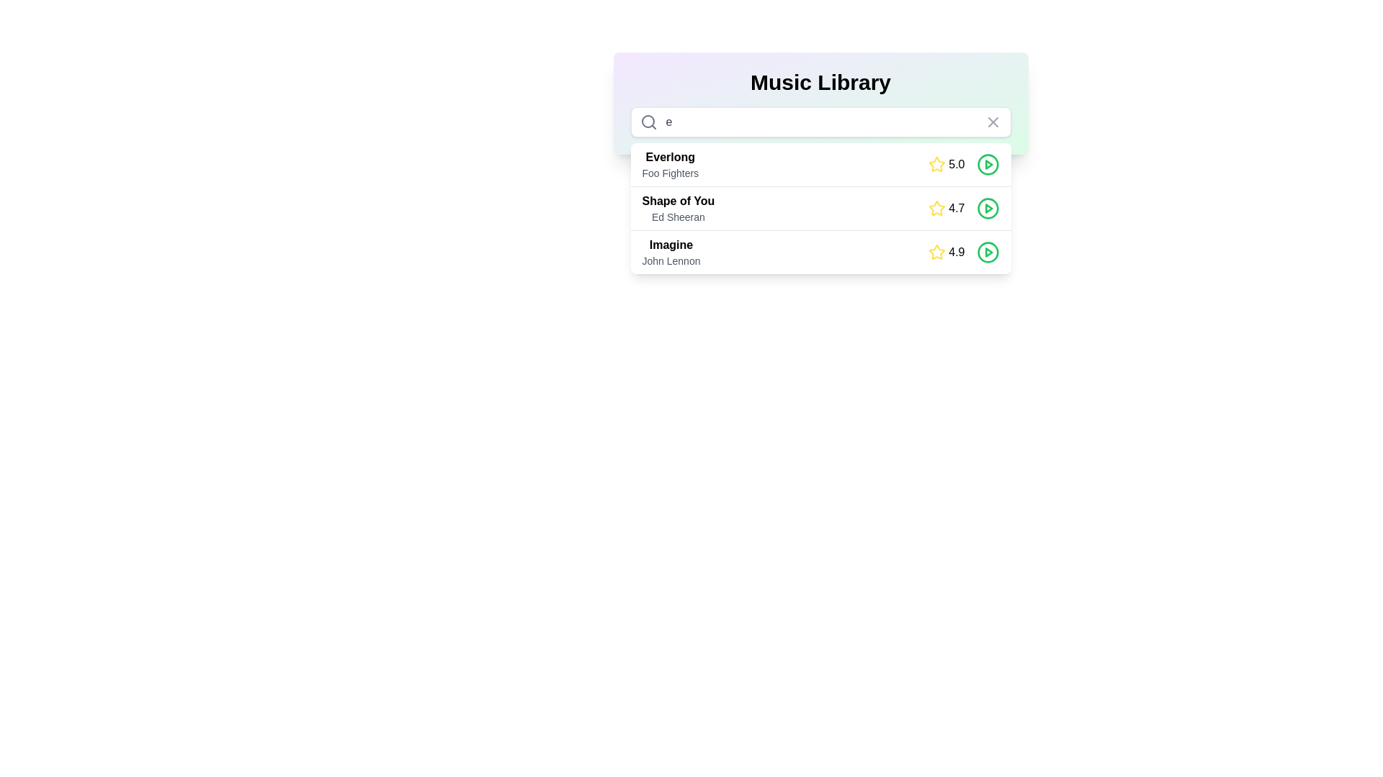 This screenshot has height=777, width=1383. Describe the element at coordinates (670, 252) in the screenshot. I see `the text display that shows the title and artist name of a song, located in the third row of the music library section` at that location.